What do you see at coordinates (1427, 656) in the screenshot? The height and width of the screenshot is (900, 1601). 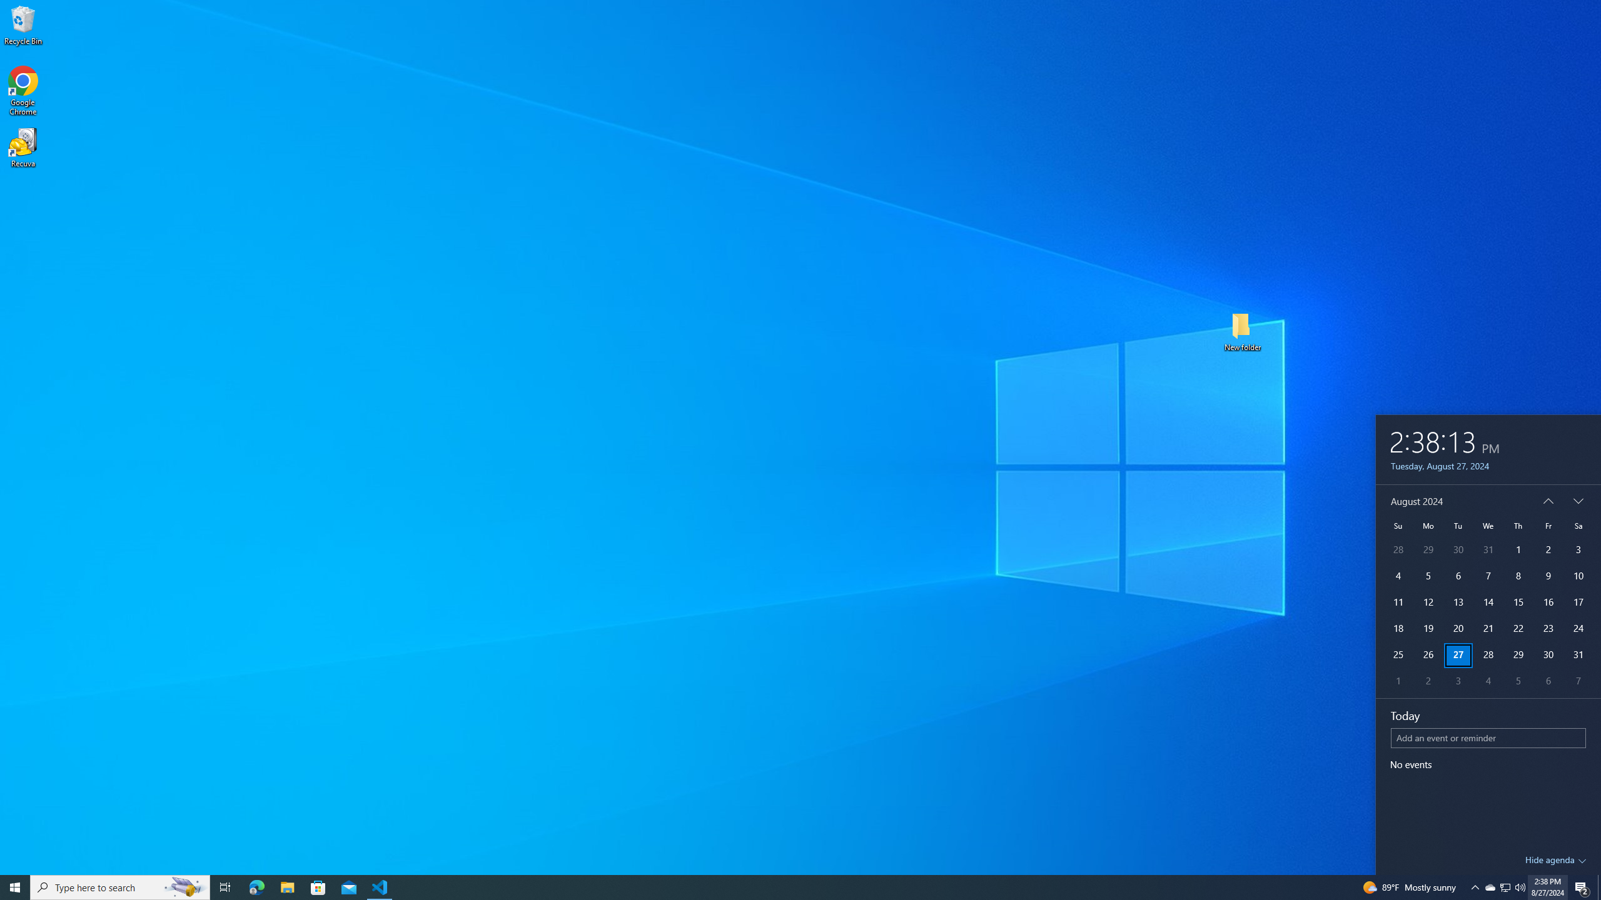 I see `'26'` at bounding box center [1427, 656].